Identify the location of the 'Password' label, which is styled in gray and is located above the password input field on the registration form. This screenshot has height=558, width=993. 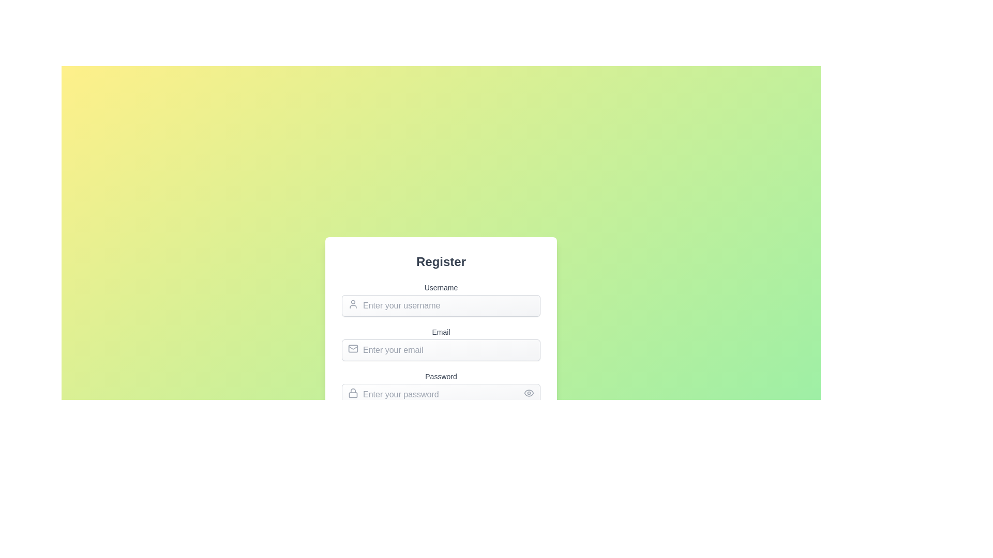
(441, 377).